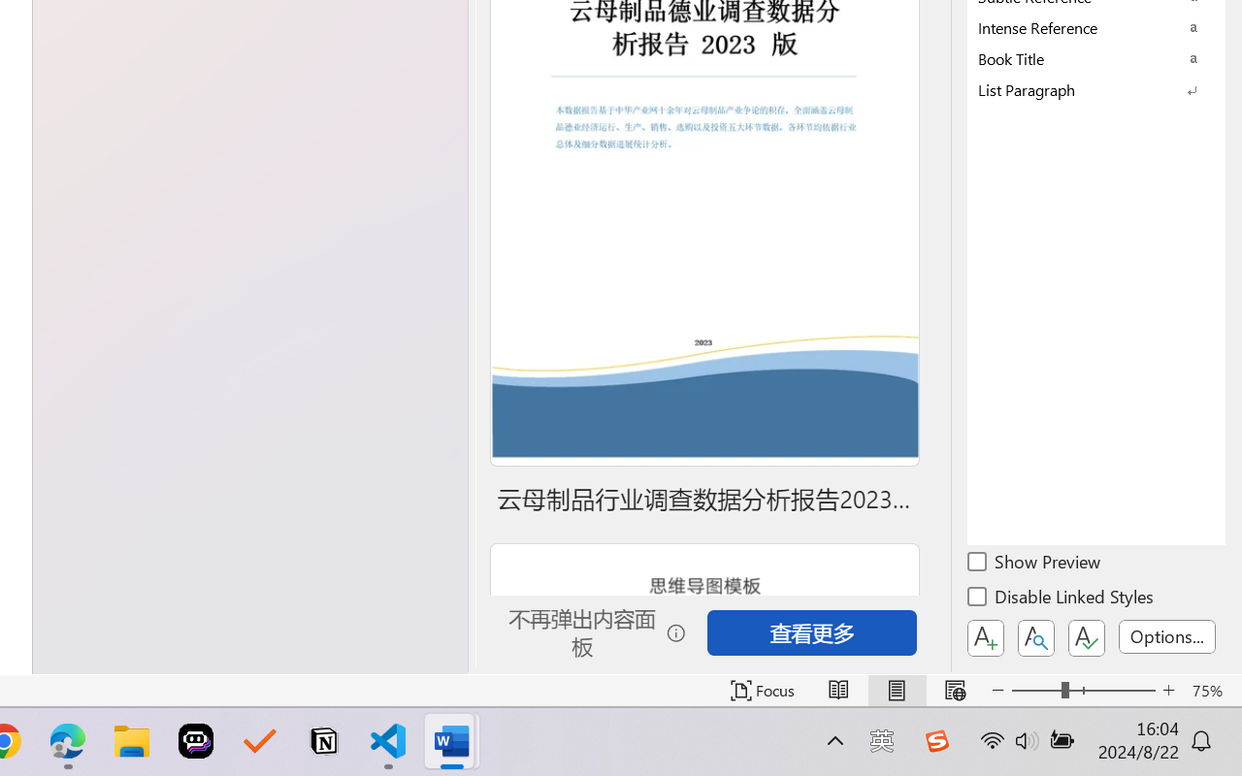 The height and width of the screenshot is (776, 1242). Describe the element at coordinates (1096, 27) in the screenshot. I see `'Intense Reference'` at that location.